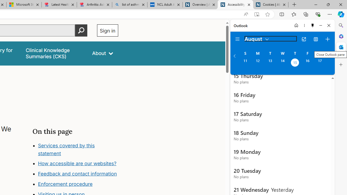 The image size is (347, 195). What do you see at coordinates (65, 184) in the screenshot?
I see `'Enforcement procedure'` at bounding box center [65, 184].